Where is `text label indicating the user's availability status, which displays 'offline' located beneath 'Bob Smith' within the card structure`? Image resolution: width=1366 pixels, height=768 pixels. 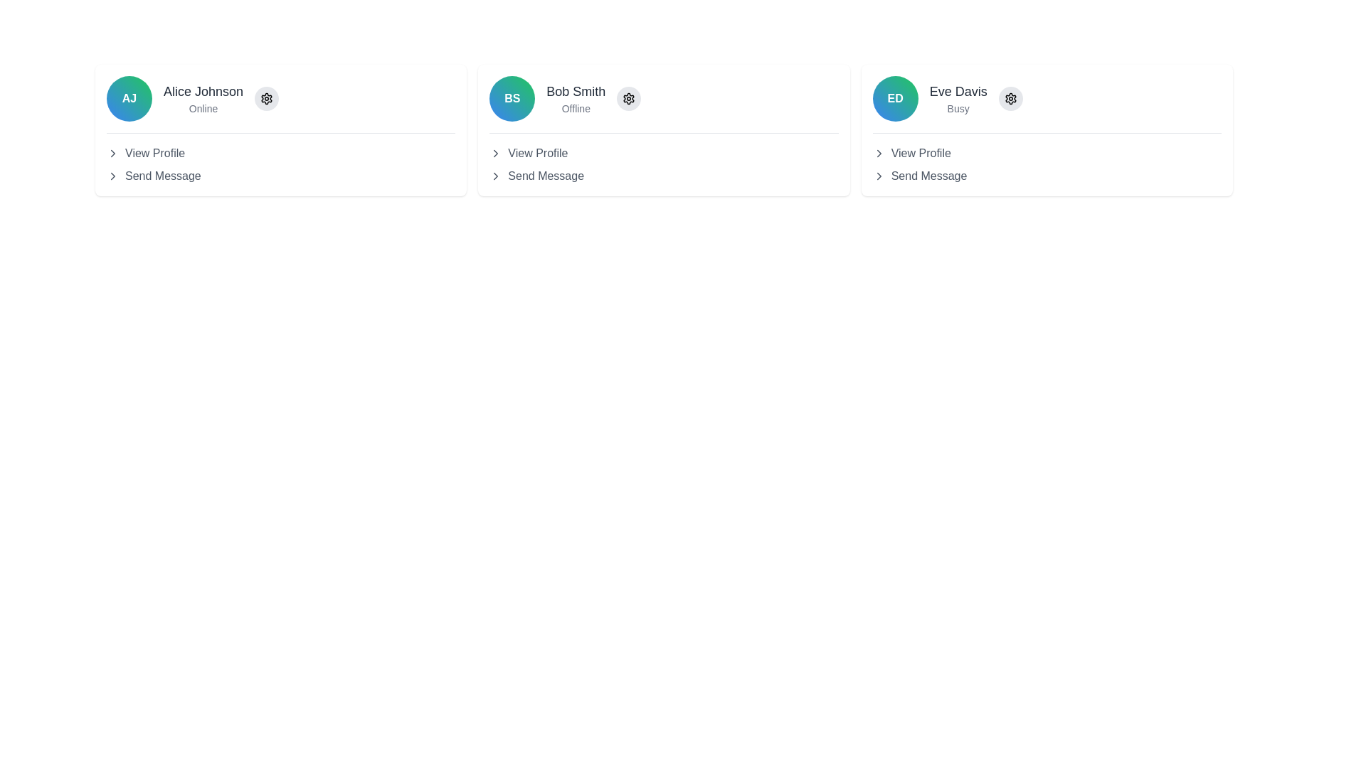 text label indicating the user's availability status, which displays 'offline' located beneath 'Bob Smith' within the card structure is located at coordinates (576, 108).